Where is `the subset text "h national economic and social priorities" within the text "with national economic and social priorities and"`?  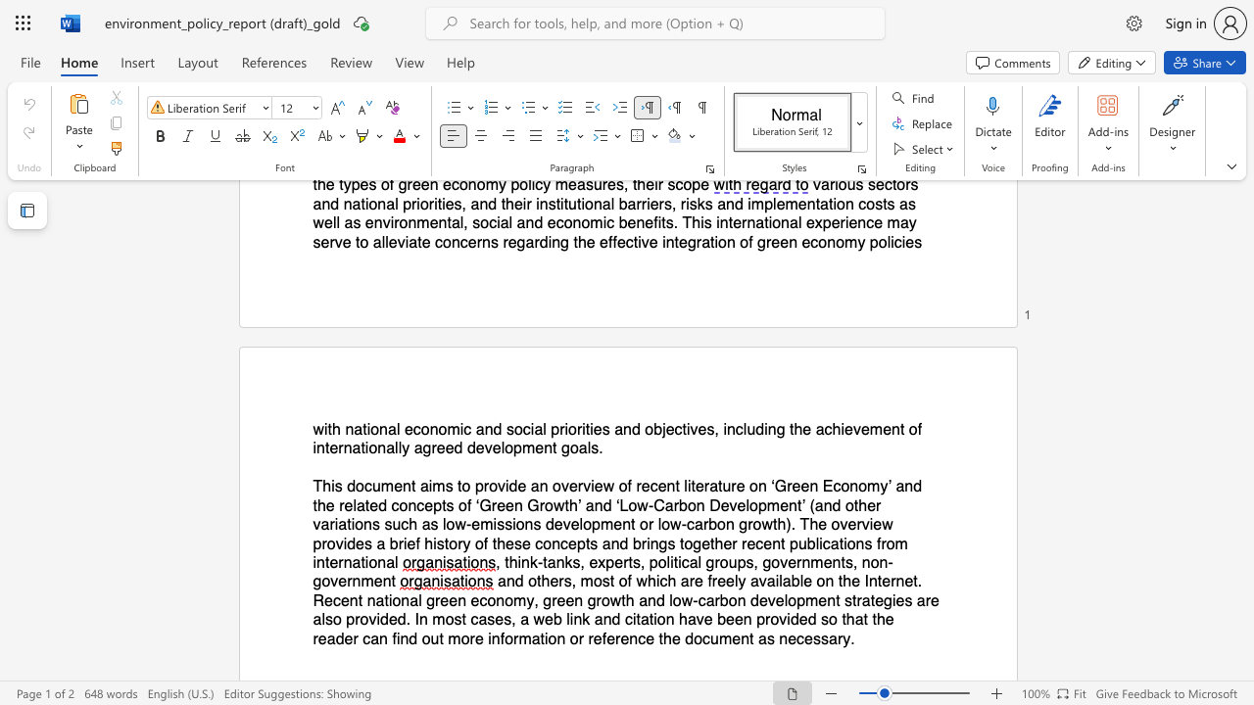
the subset text "h national economic and social priorities" within the text "with national economic and social priorities and" is located at coordinates (332, 428).